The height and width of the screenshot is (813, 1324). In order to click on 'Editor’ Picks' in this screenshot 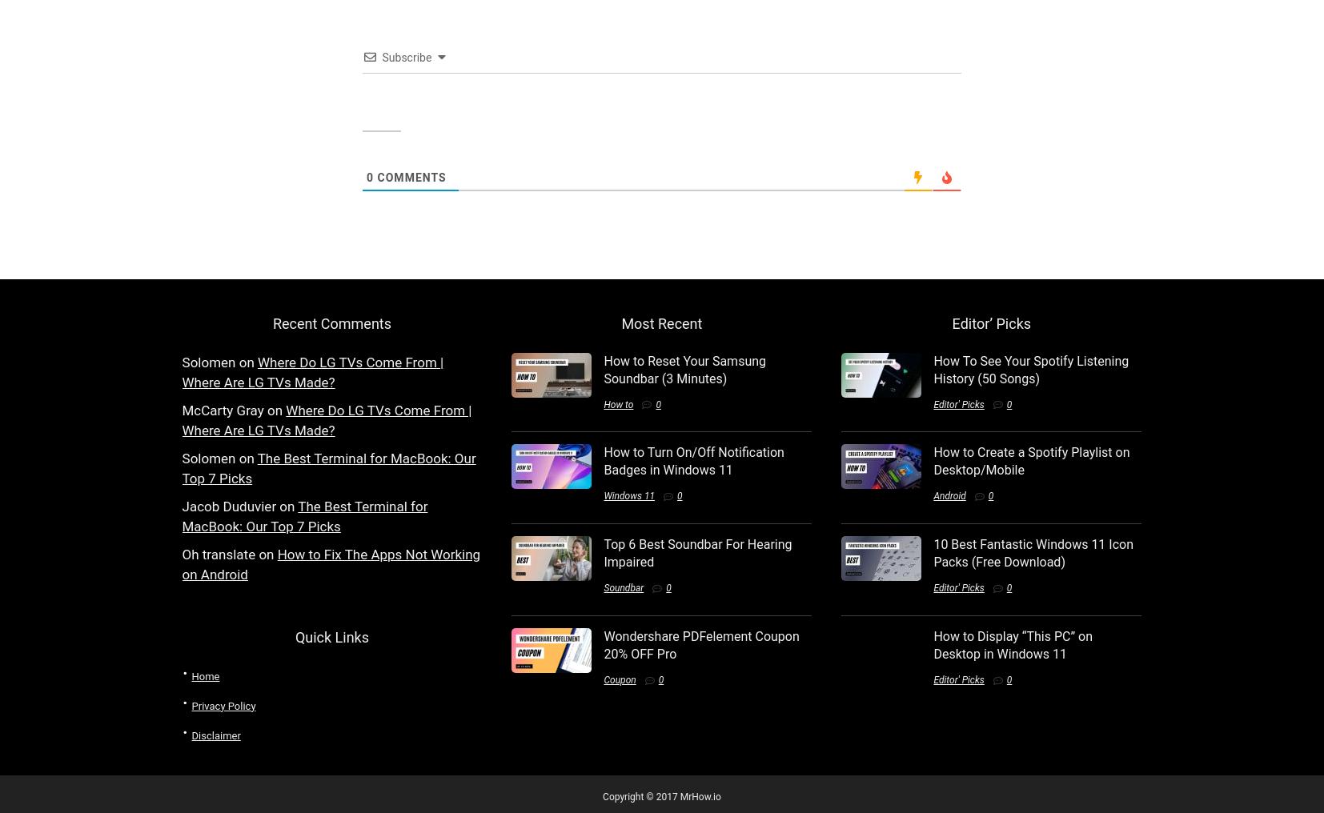, I will do `click(990, 322)`.